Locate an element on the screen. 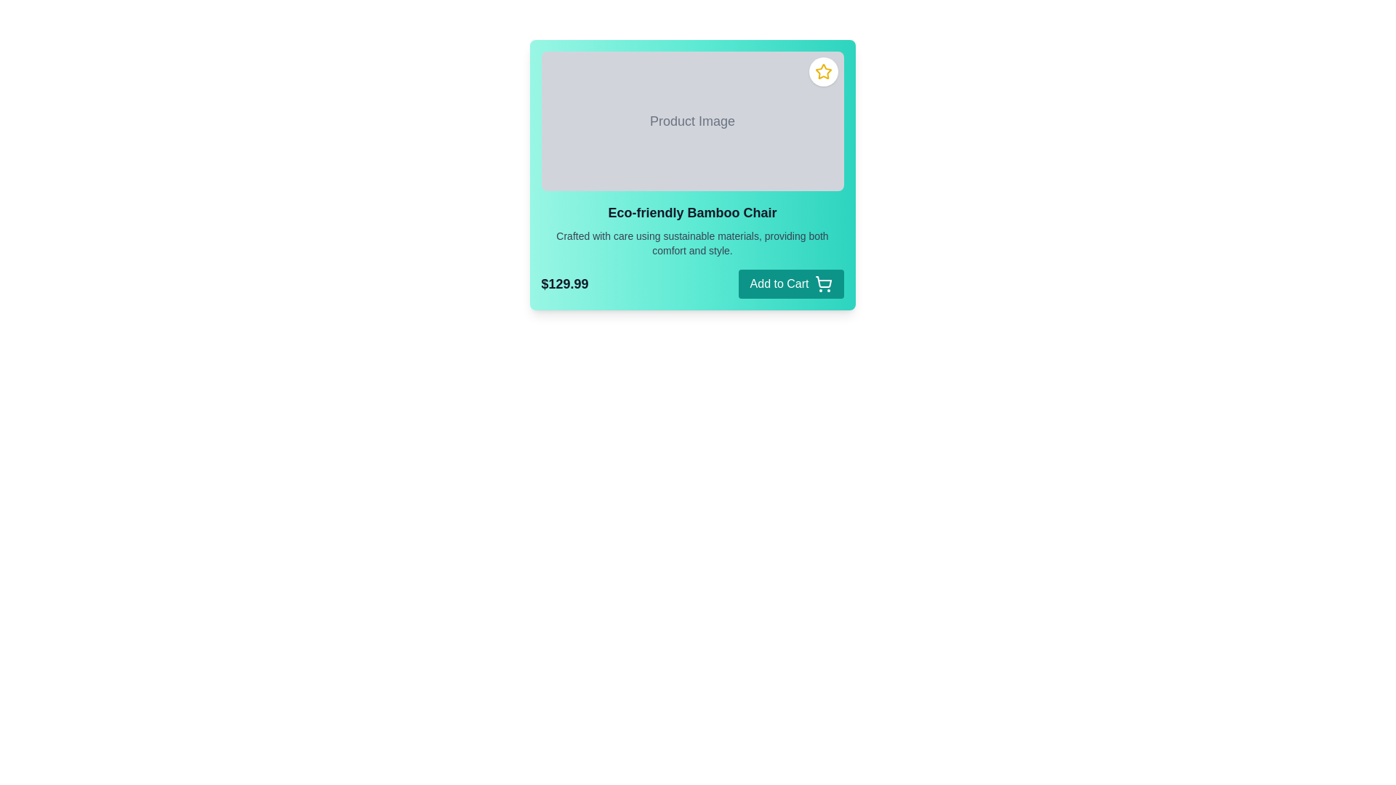  the eco-friendly product name and description text component is located at coordinates (691, 229).